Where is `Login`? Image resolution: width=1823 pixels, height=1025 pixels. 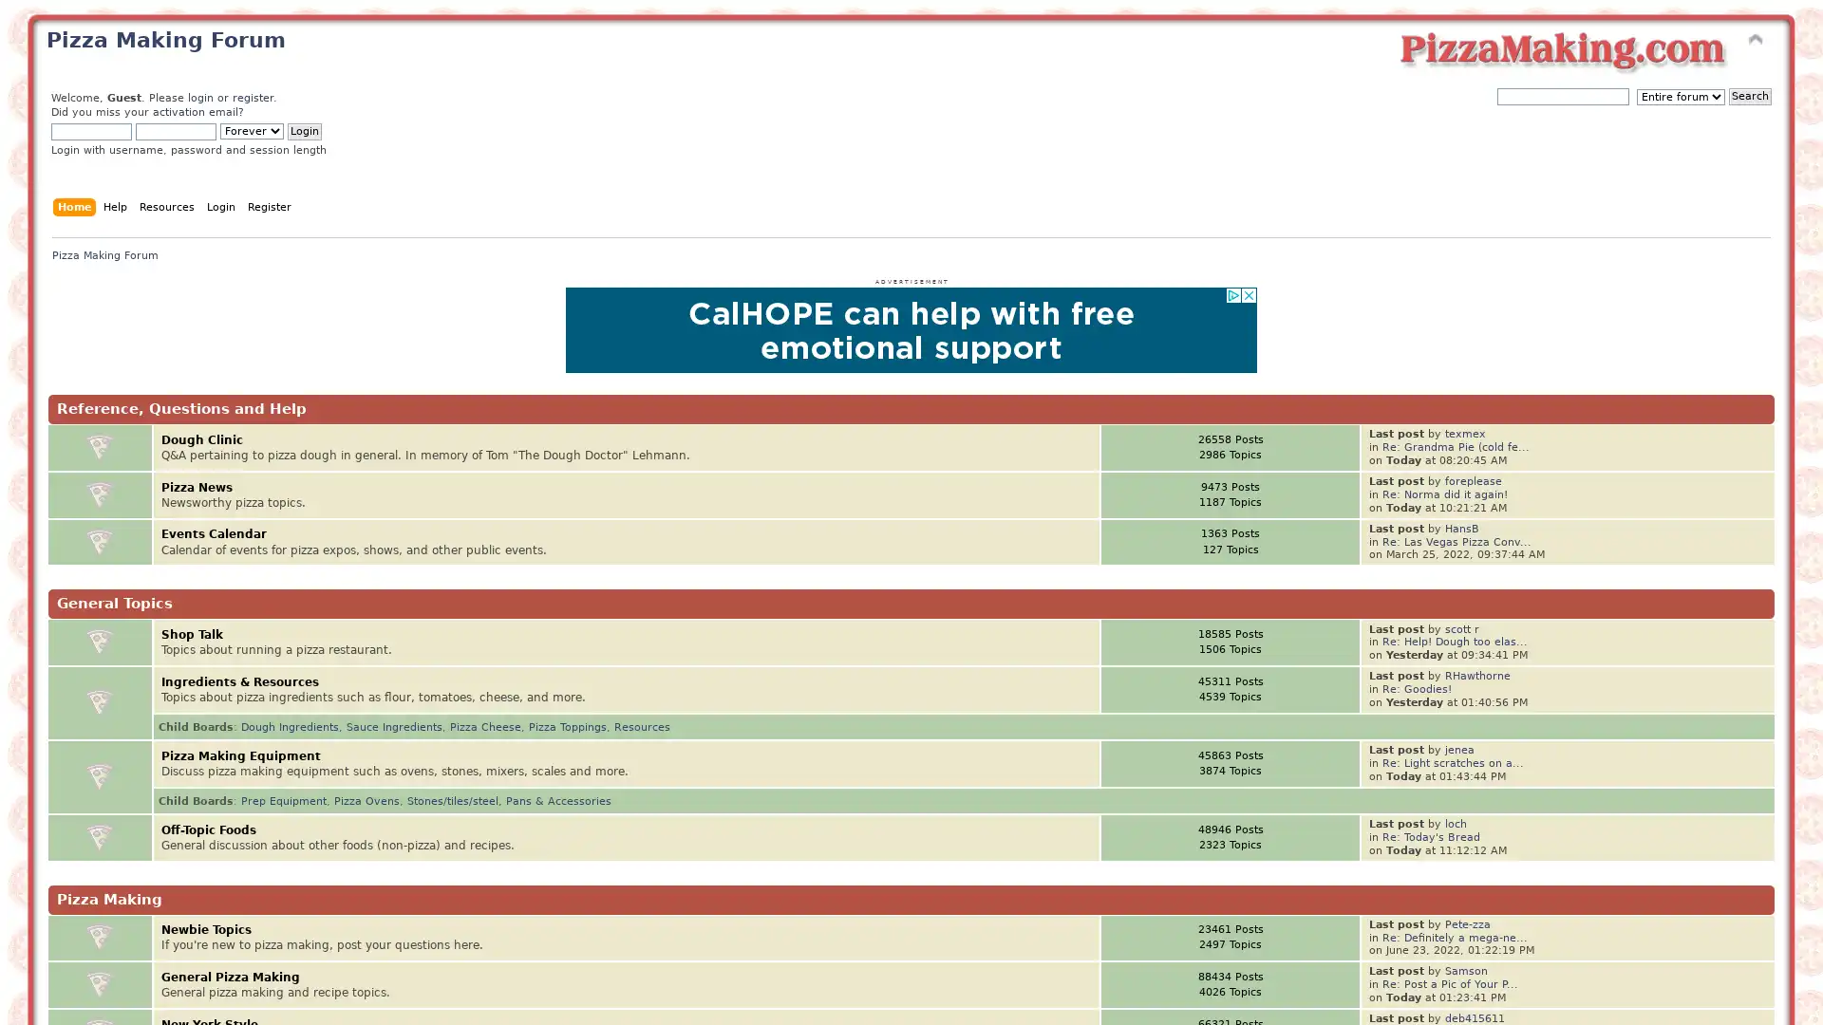 Login is located at coordinates (304, 130).